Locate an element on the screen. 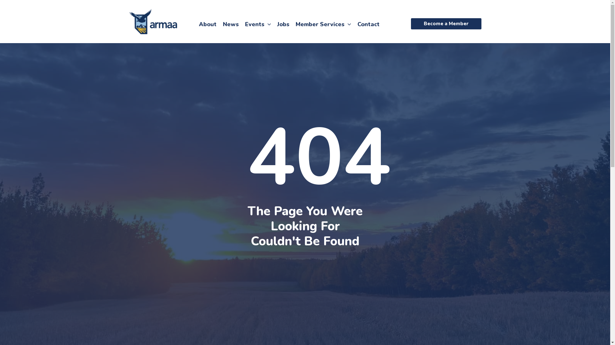  'Become a Member' is located at coordinates (446, 23).